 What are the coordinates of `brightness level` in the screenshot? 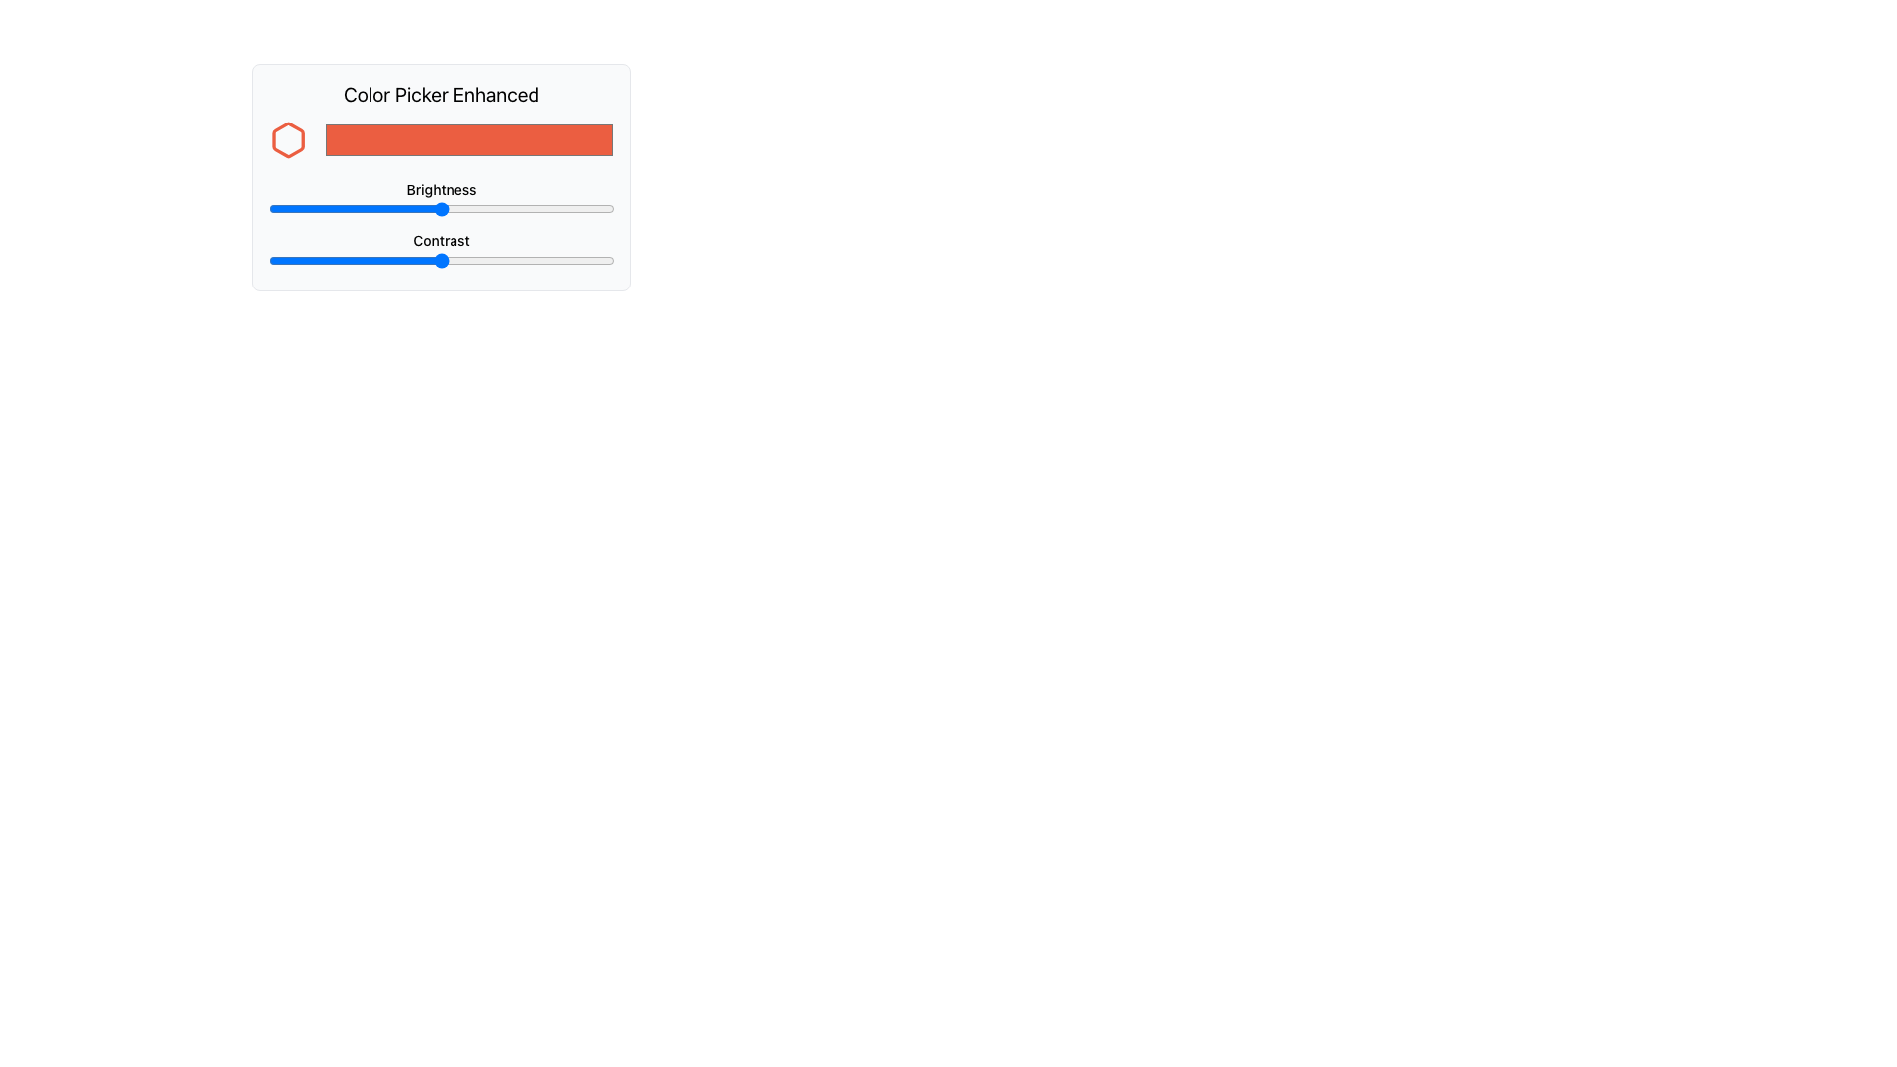 It's located at (589, 209).